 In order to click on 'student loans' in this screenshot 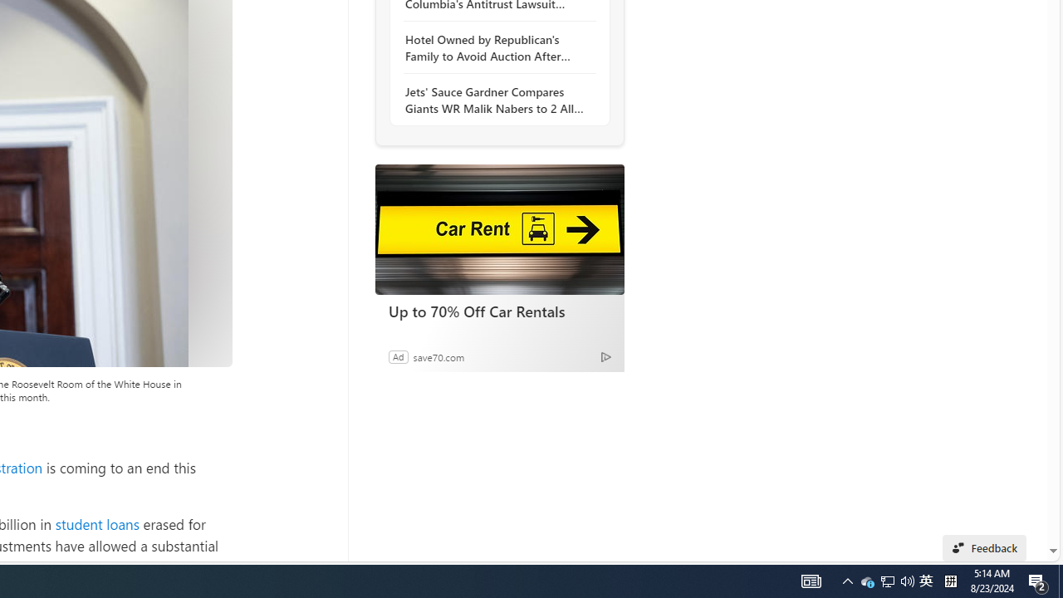, I will do `click(96, 524)`.